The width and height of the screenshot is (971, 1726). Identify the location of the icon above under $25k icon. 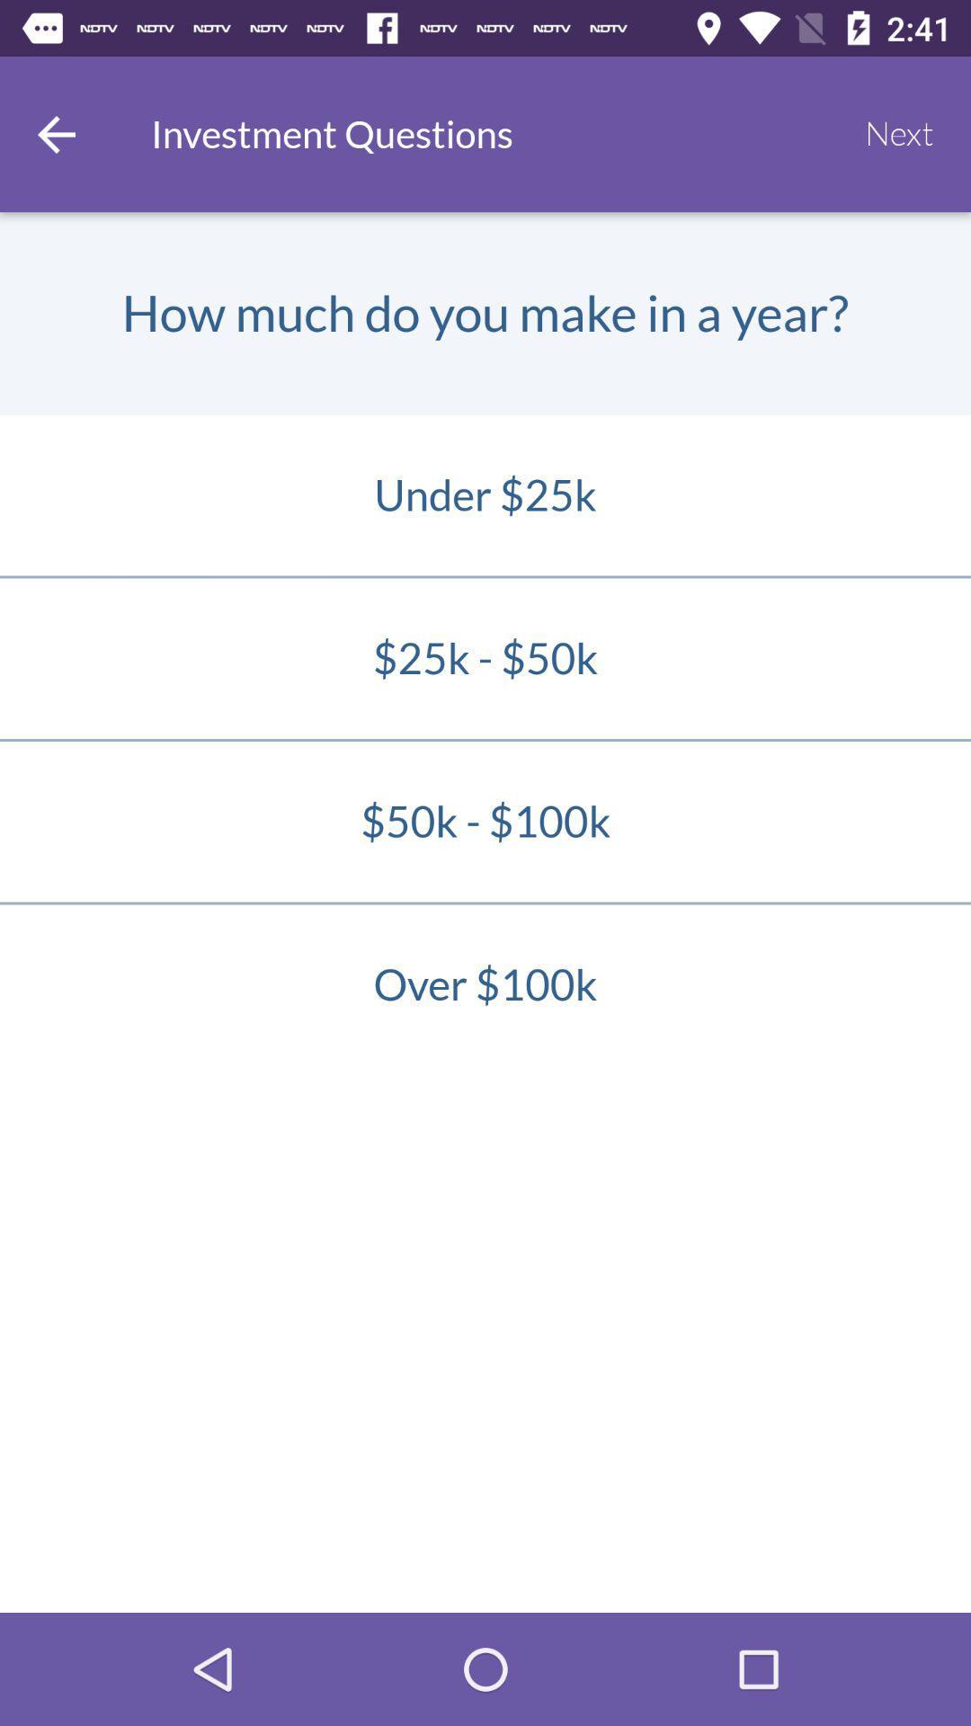
(899, 133).